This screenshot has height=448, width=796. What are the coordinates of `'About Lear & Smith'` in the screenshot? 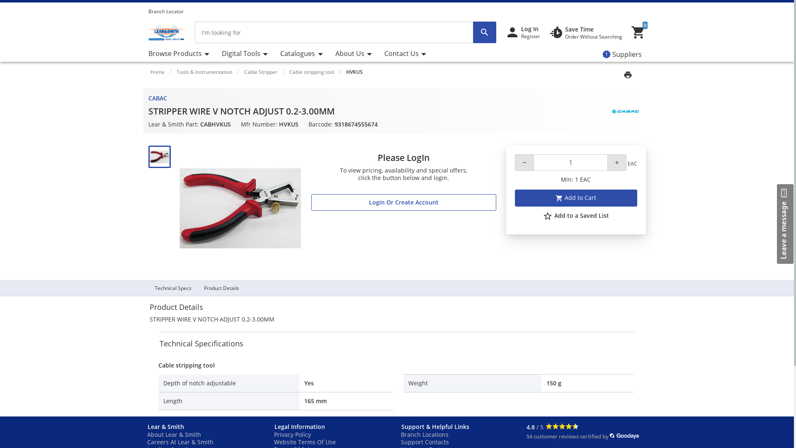 It's located at (173, 434).